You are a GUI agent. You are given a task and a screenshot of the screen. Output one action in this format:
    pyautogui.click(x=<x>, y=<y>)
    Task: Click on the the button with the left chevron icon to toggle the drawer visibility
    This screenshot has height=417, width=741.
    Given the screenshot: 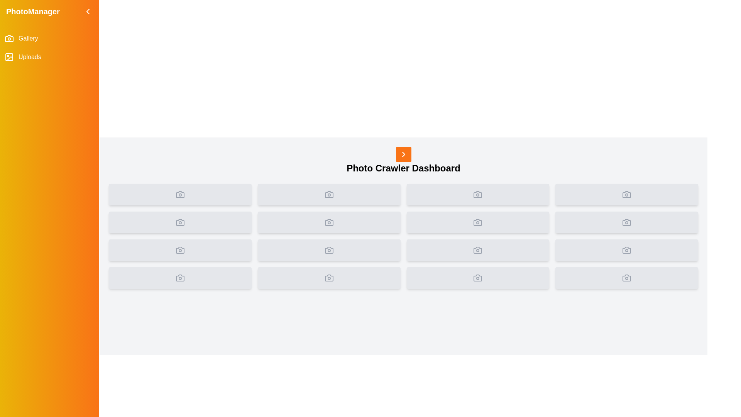 What is the action you would take?
    pyautogui.click(x=88, y=12)
    